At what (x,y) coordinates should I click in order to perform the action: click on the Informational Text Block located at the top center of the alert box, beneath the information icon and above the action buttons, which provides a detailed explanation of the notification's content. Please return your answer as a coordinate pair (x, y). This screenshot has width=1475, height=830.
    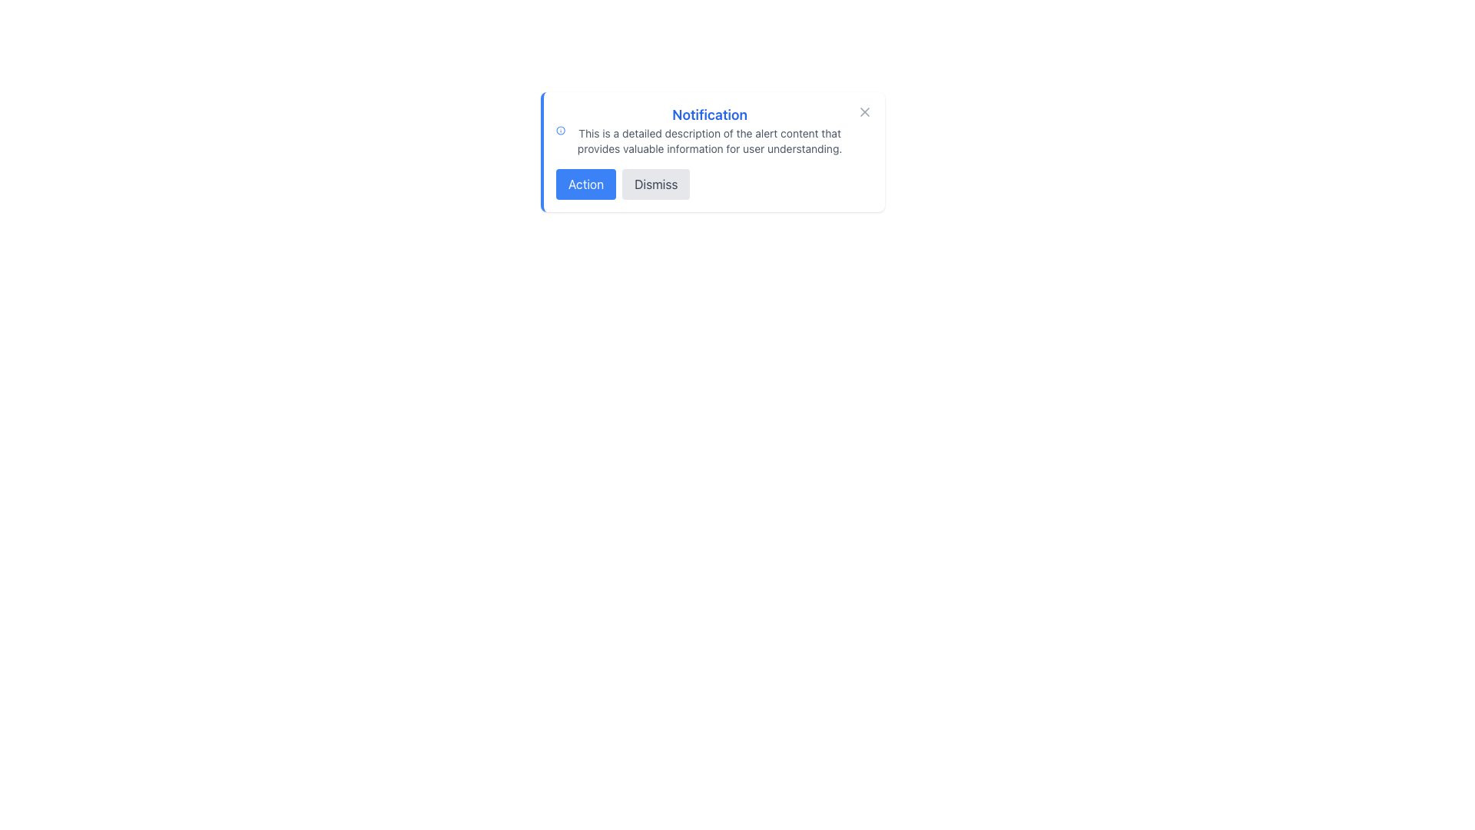
    Looking at the image, I should click on (700, 129).